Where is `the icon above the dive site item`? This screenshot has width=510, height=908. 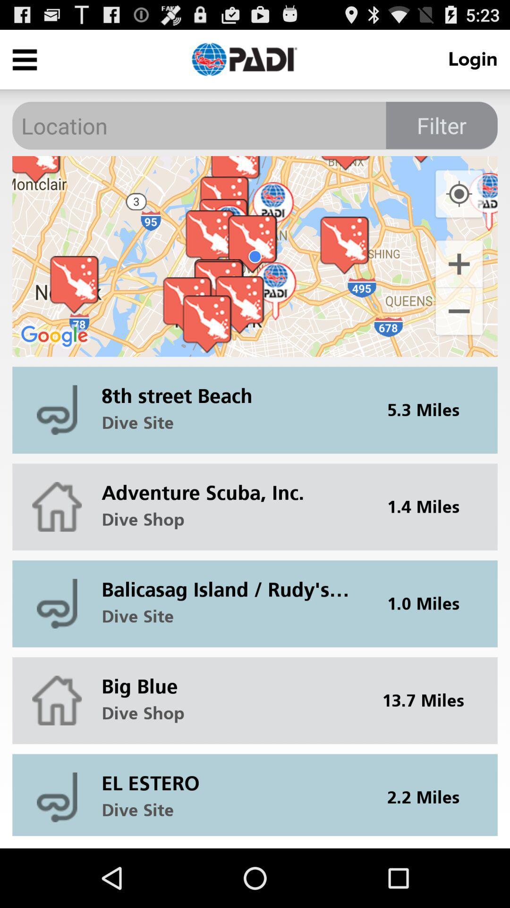 the icon above the dive site item is located at coordinates (231, 776).